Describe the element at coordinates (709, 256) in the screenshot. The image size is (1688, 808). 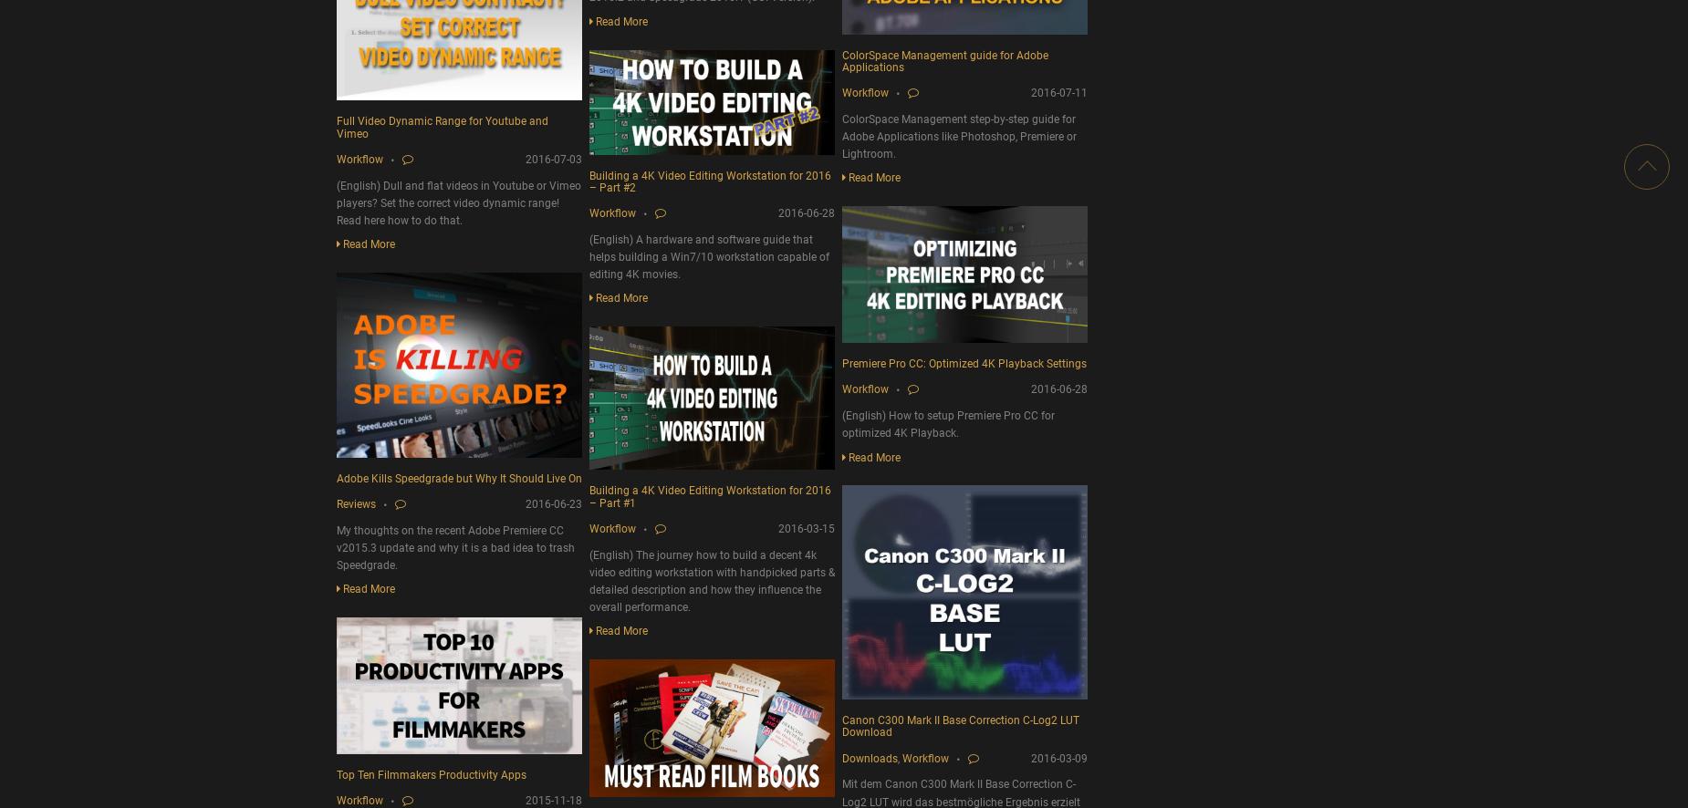
I see `'(English) A hardware and software guide that helps building a Win7/10 workstation capable of editing 4K movies.'` at that location.